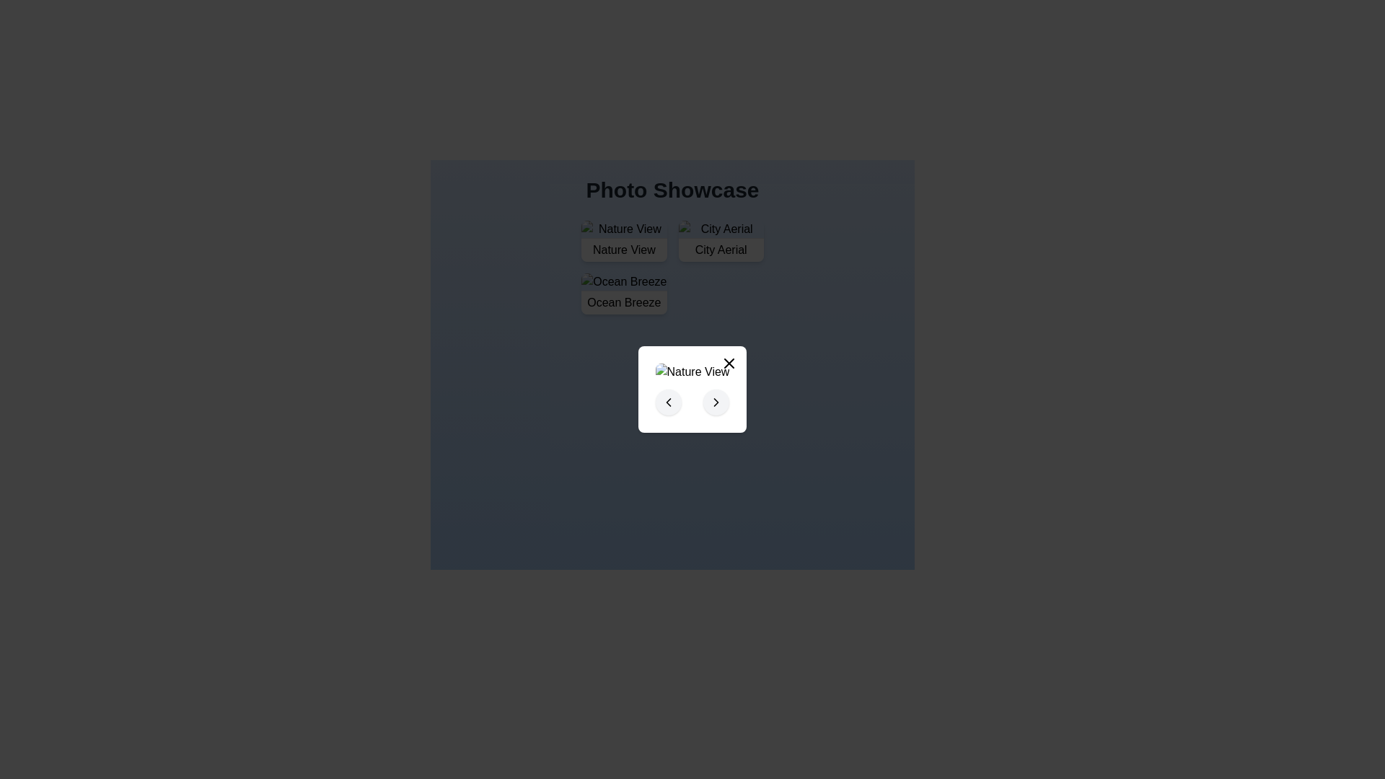 This screenshot has height=779, width=1385. I want to click on the navigation button located on the right side of the modal structure to move to the next item in the sequence, so click(716, 402).